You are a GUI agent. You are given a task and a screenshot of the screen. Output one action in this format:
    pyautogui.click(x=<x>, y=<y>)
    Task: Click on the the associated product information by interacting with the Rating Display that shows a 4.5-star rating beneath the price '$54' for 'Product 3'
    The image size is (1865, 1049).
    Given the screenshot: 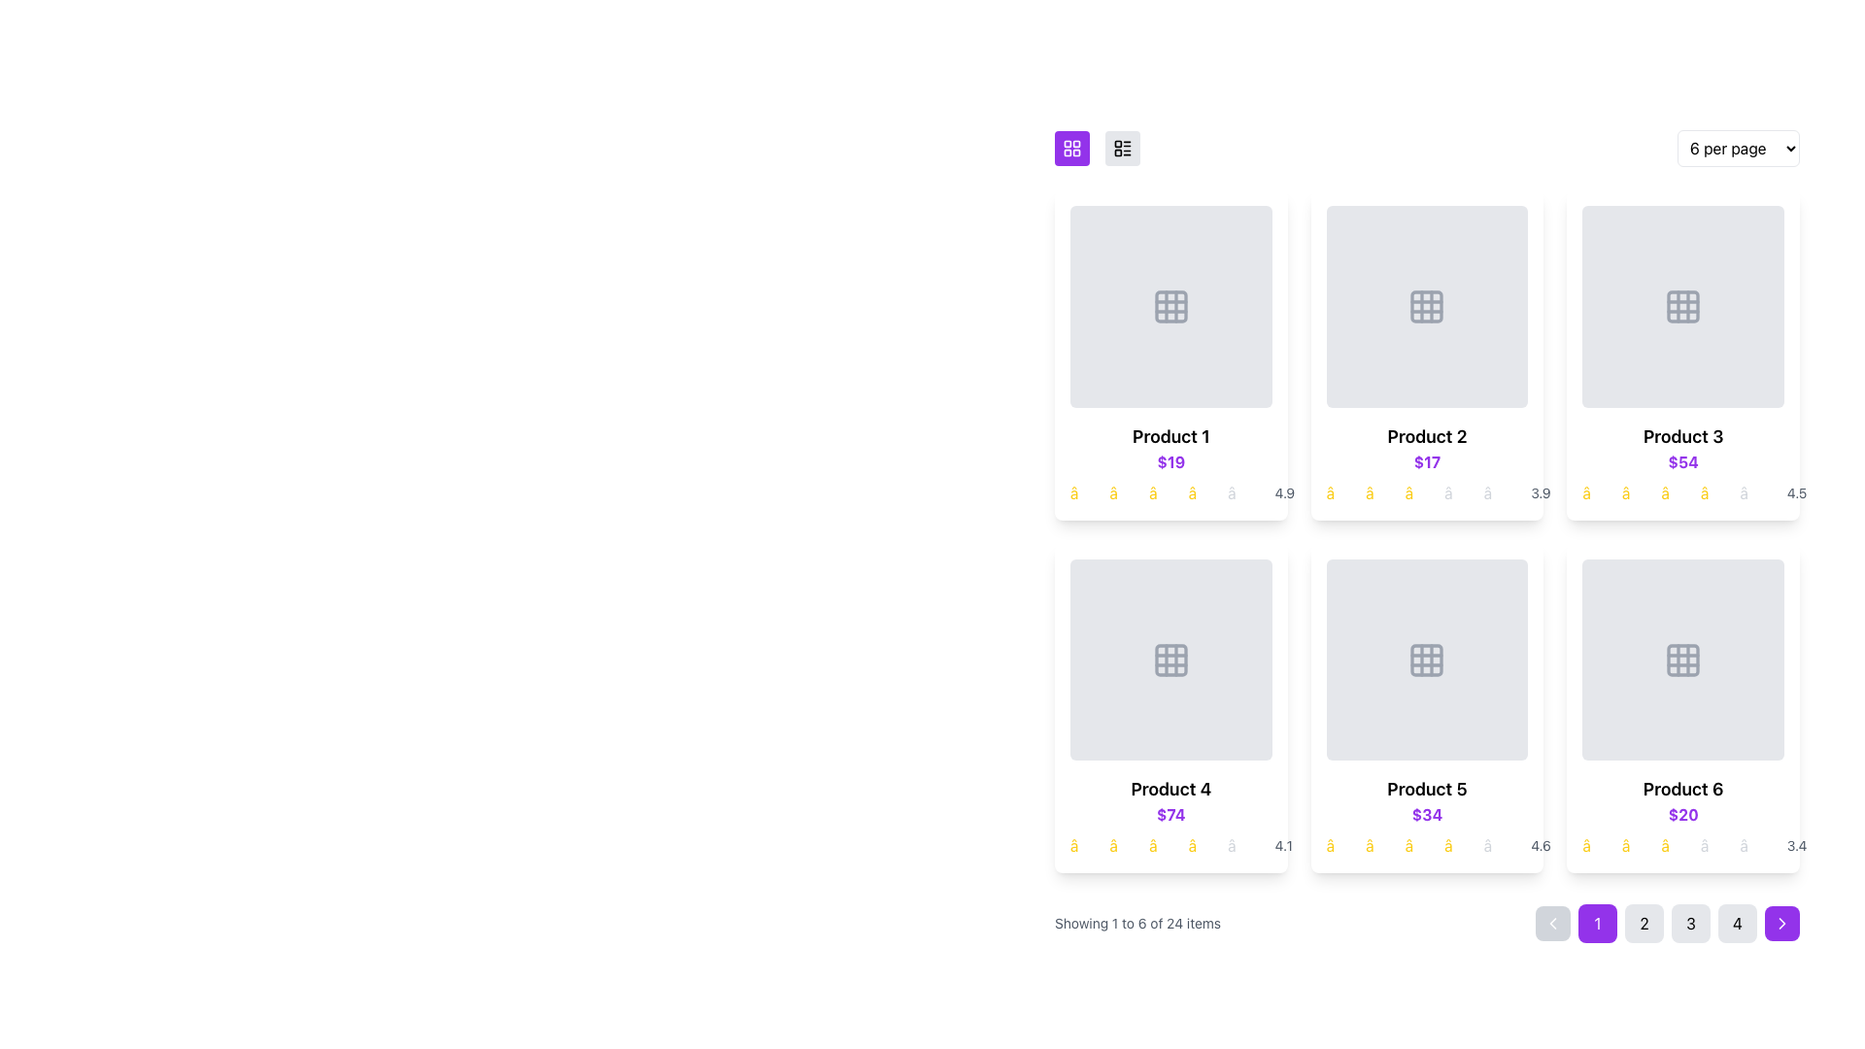 What is the action you would take?
    pyautogui.click(x=1682, y=491)
    